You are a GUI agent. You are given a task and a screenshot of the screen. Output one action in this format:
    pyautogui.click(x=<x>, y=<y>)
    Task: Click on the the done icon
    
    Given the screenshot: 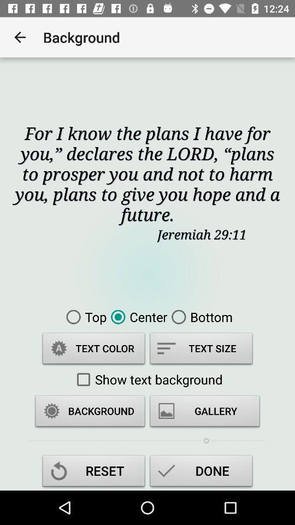 What is the action you would take?
    pyautogui.click(x=200, y=472)
    